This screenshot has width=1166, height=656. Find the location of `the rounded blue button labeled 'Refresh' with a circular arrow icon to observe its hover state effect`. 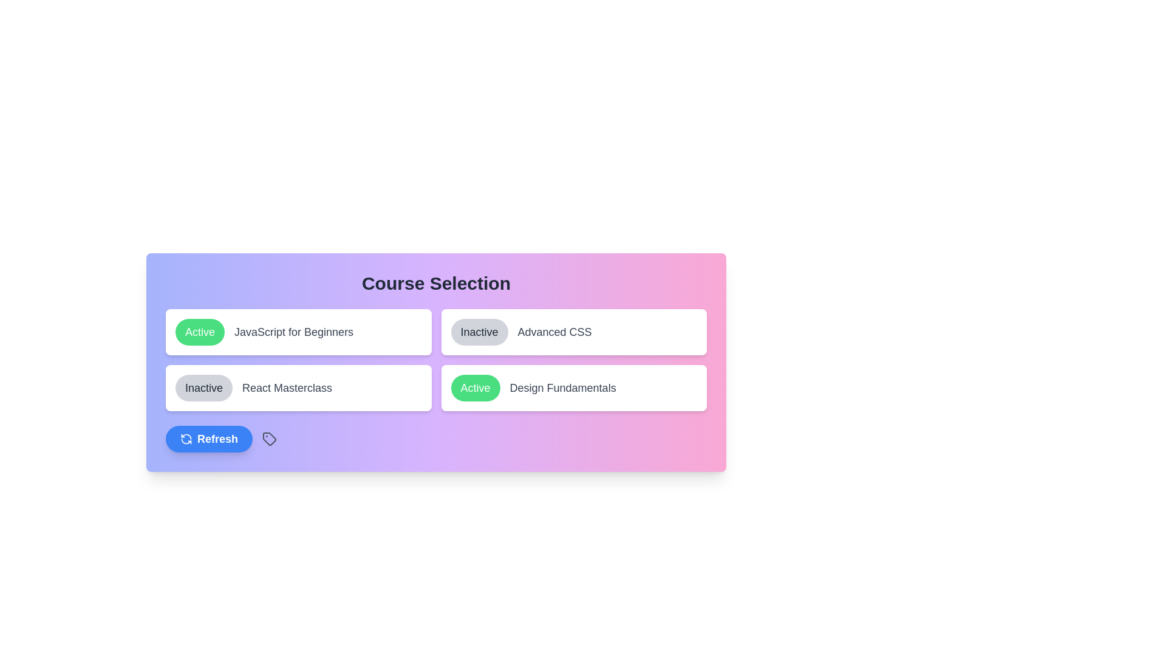

the rounded blue button labeled 'Refresh' with a circular arrow icon to observe its hover state effect is located at coordinates (209, 439).